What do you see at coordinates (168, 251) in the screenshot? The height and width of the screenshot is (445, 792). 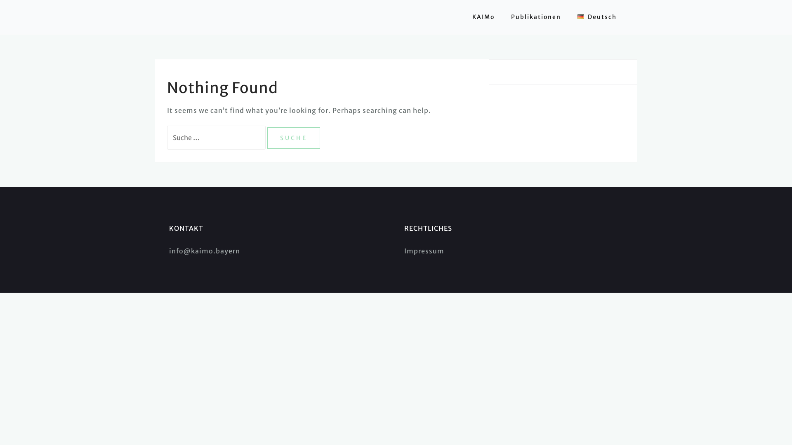 I see `'info@kaimo.bayern'` at bounding box center [168, 251].